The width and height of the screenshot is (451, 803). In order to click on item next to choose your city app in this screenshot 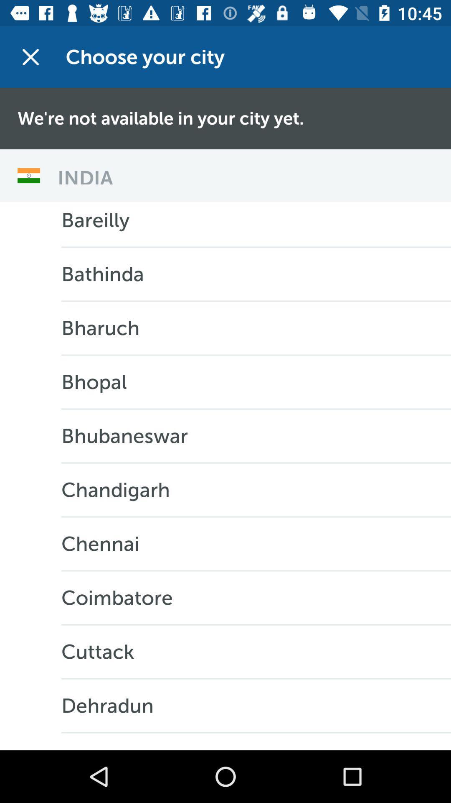, I will do `click(30, 56)`.